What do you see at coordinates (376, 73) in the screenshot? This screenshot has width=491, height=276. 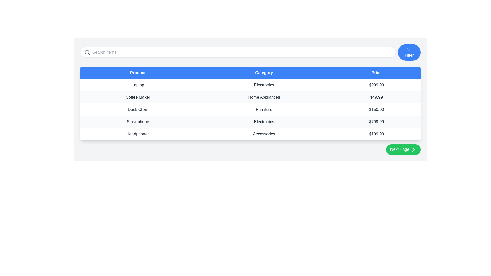 I see `the 'Price' header text label in the table, which is located in the third column, positioned to the right of the 'Category' header at the top row` at bounding box center [376, 73].